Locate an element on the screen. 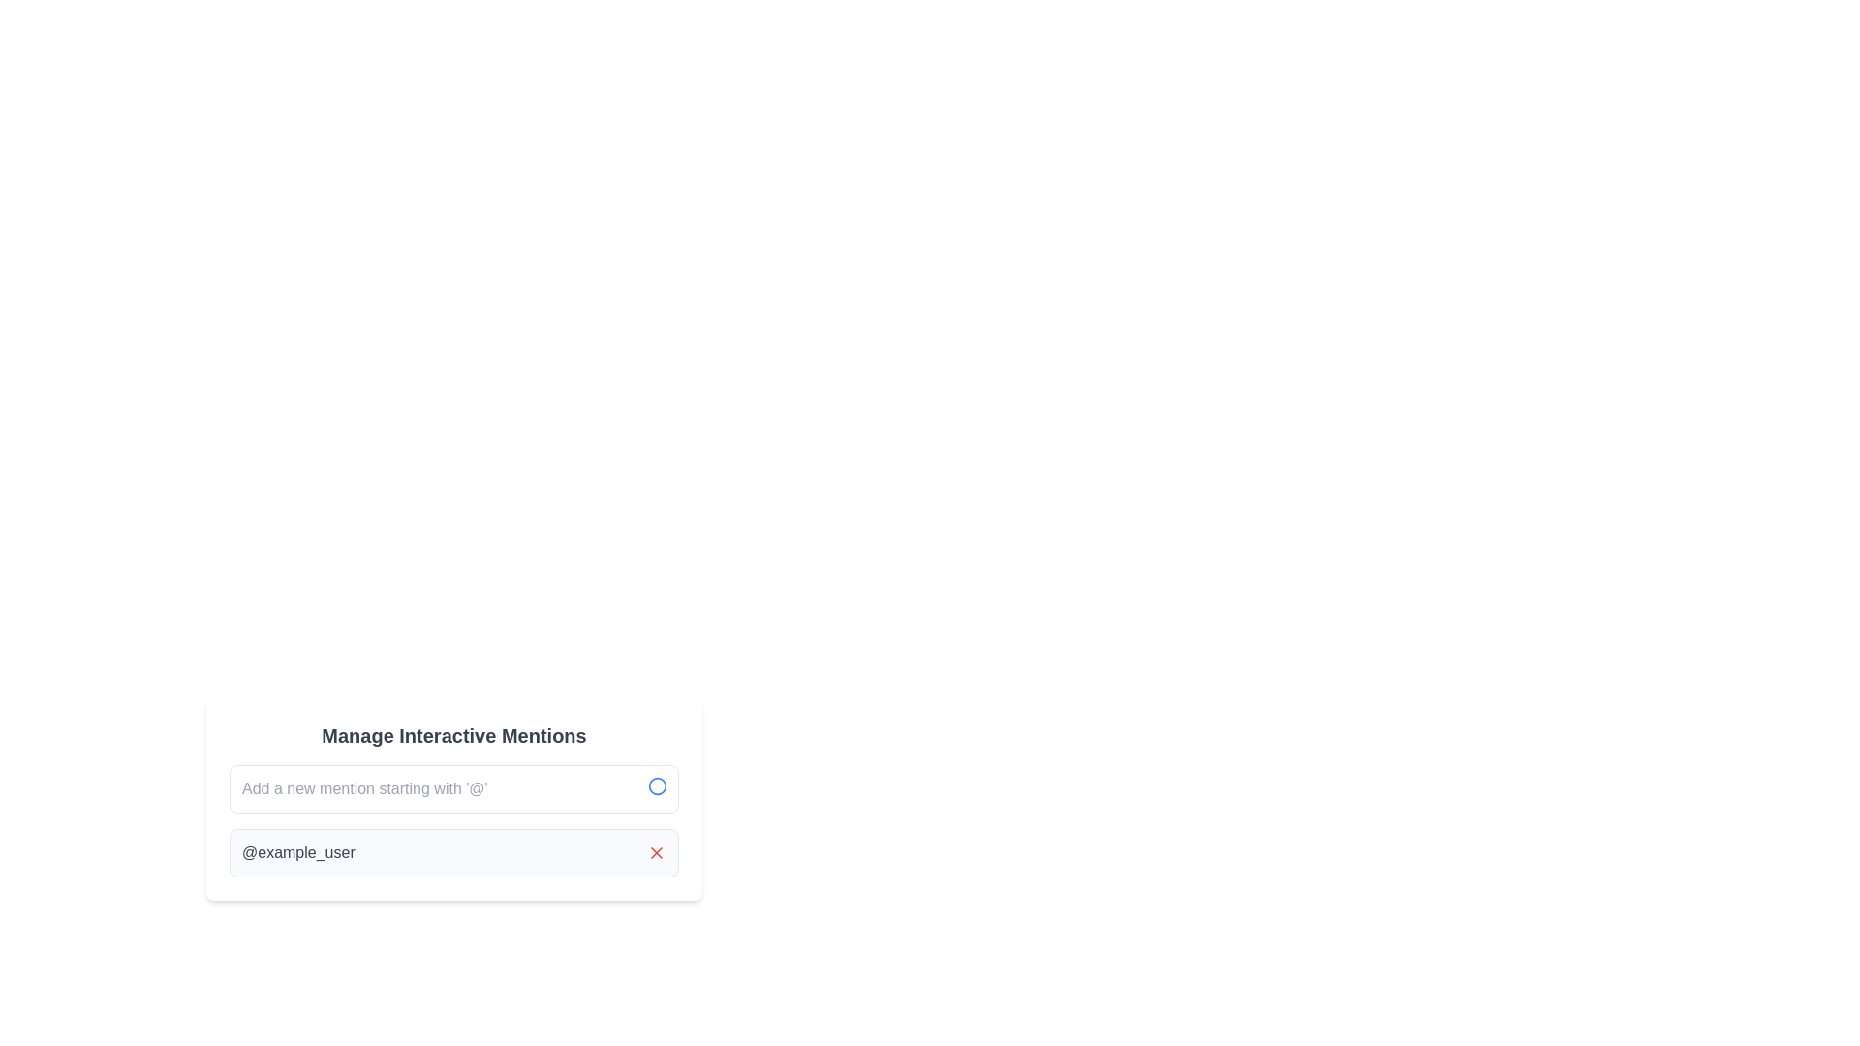 This screenshot has height=1046, width=1860. the decorative circle element within the SVG graphic located at the top-right corner of the 'Manage Interactive Mentions' modal is located at coordinates (657, 786).